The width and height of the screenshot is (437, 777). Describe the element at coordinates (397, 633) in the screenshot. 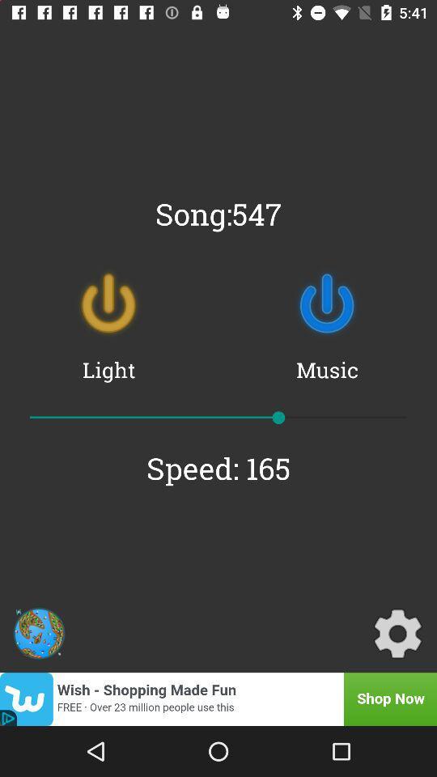

I see `the item at the bottom right corner` at that location.